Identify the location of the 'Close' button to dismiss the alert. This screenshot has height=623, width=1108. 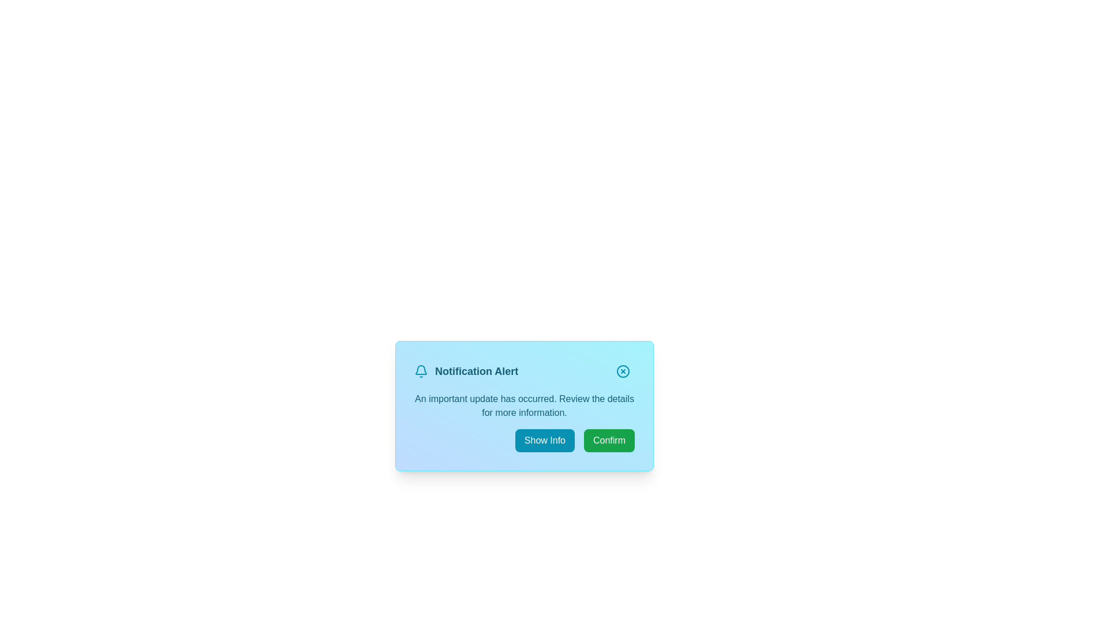
(623, 371).